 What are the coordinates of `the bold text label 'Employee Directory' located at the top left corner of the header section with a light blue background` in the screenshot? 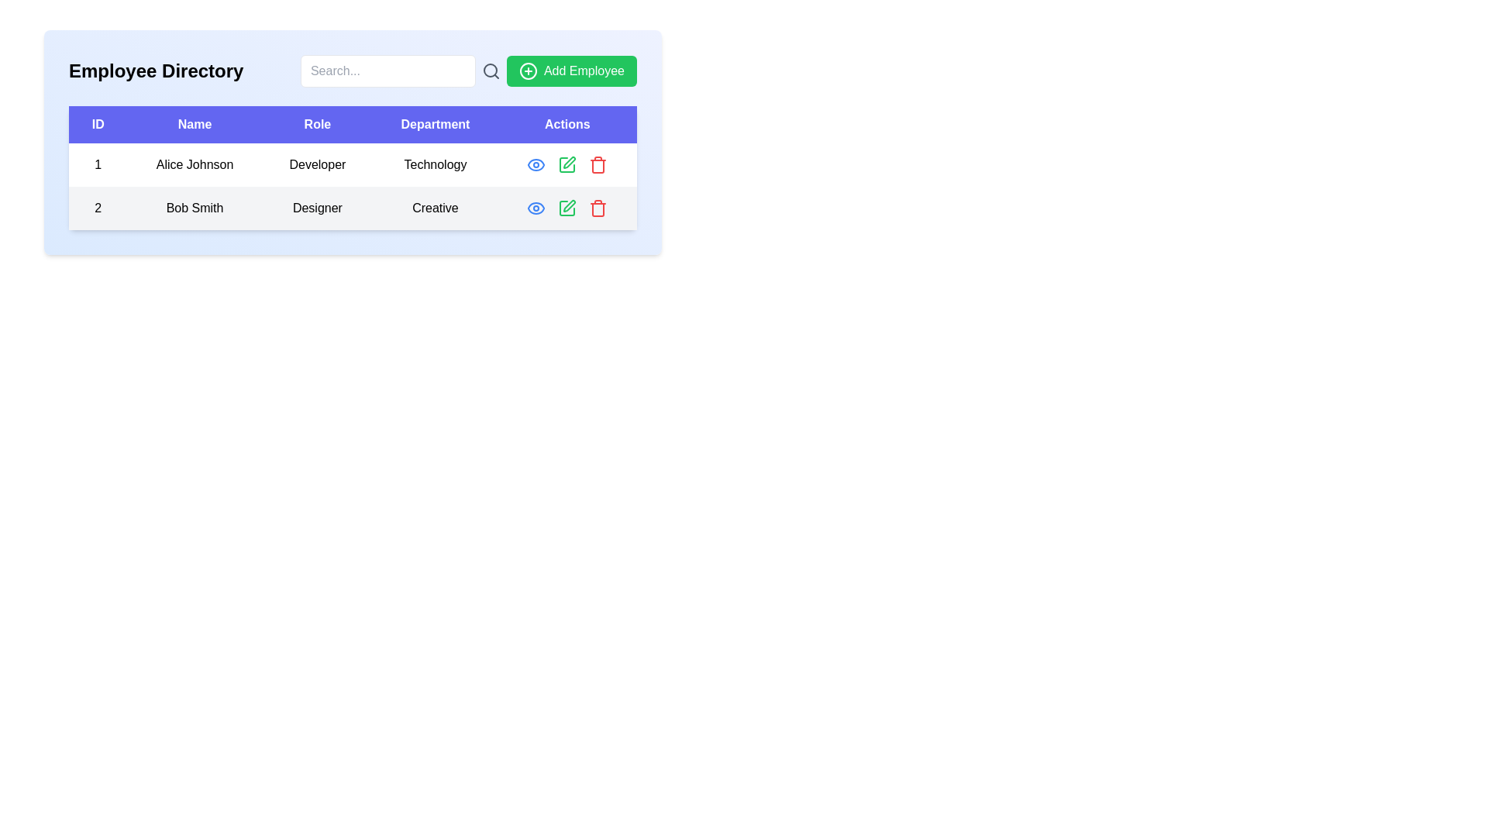 It's located at (156, 71).